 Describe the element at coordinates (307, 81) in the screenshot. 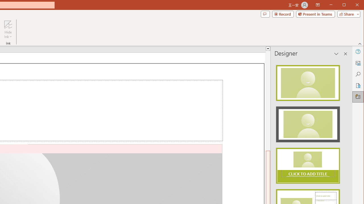

I see `'Recommended Design: Design Idea'` at that location.